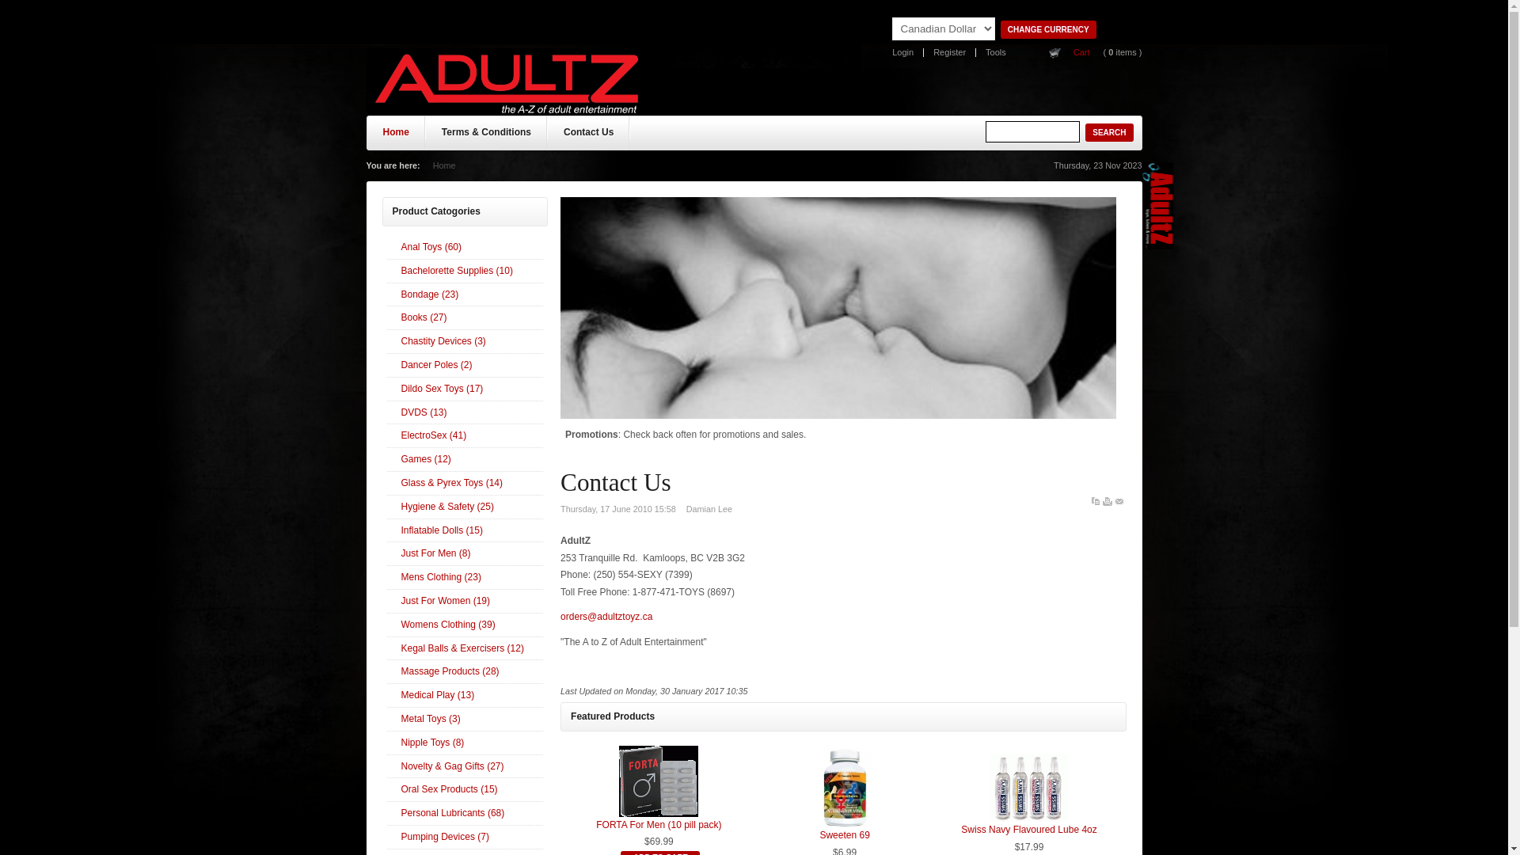 The image size is (1520, 855). I want to click on 'Womens Clothing (39)', so click(386, 625).